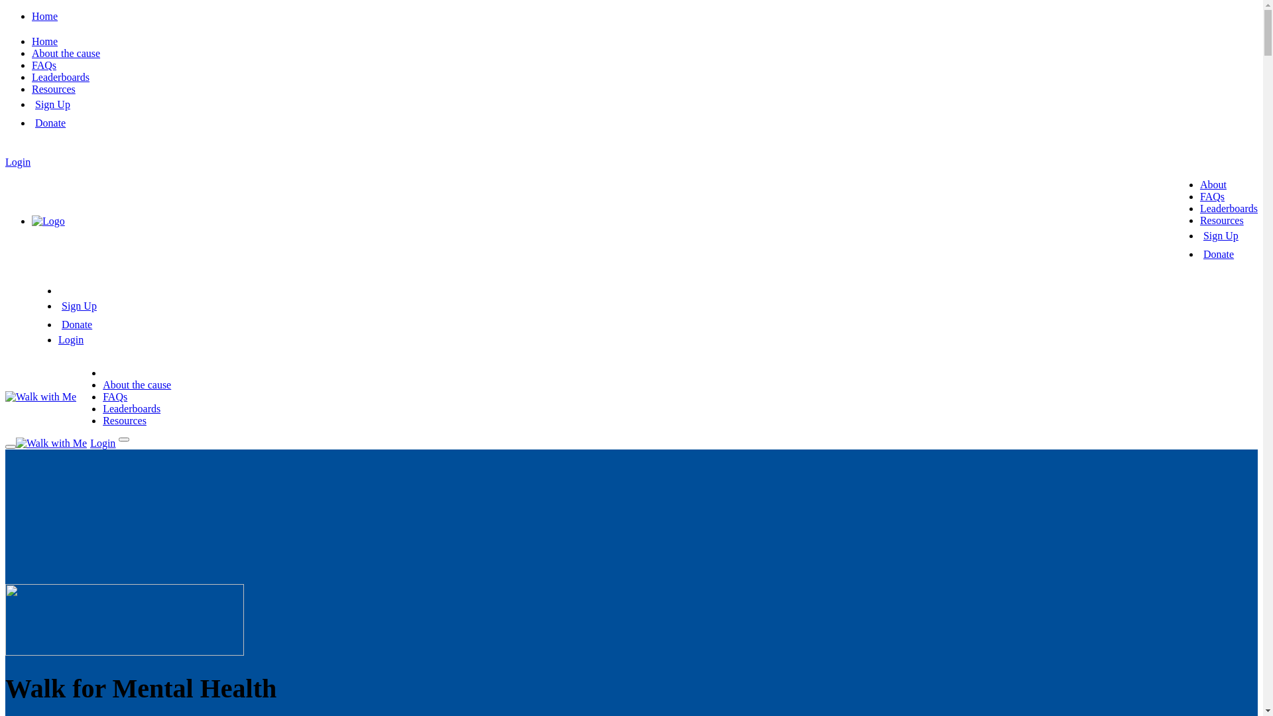 This screenshot has width=1273, height=716. What do you see at coordinates (131, 408) in the screenshot?
I see `'Leaderboards'` at bounding box center [131, 408].